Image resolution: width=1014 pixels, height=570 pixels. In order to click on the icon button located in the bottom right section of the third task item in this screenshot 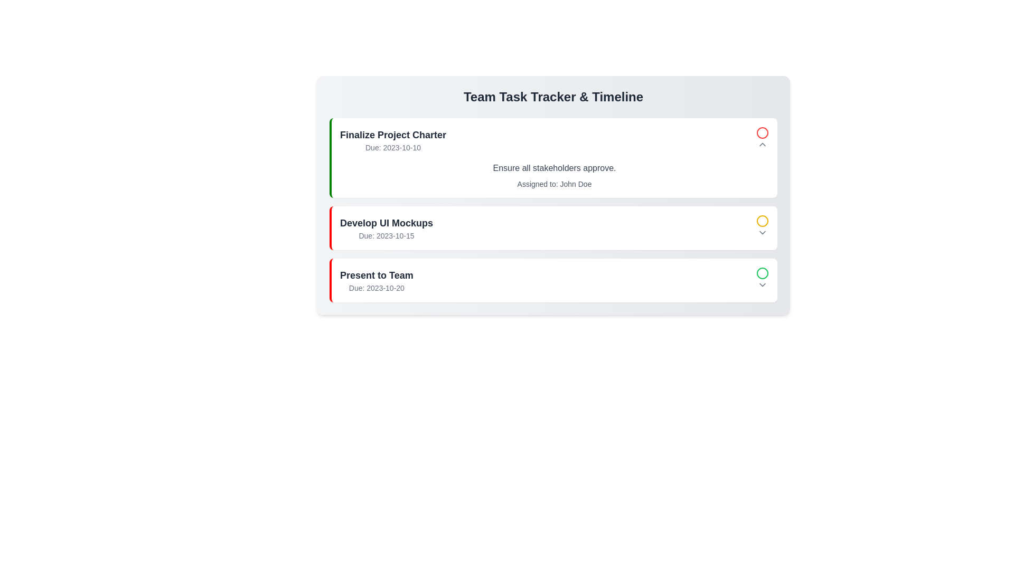, I will do `click(763, 285)`.